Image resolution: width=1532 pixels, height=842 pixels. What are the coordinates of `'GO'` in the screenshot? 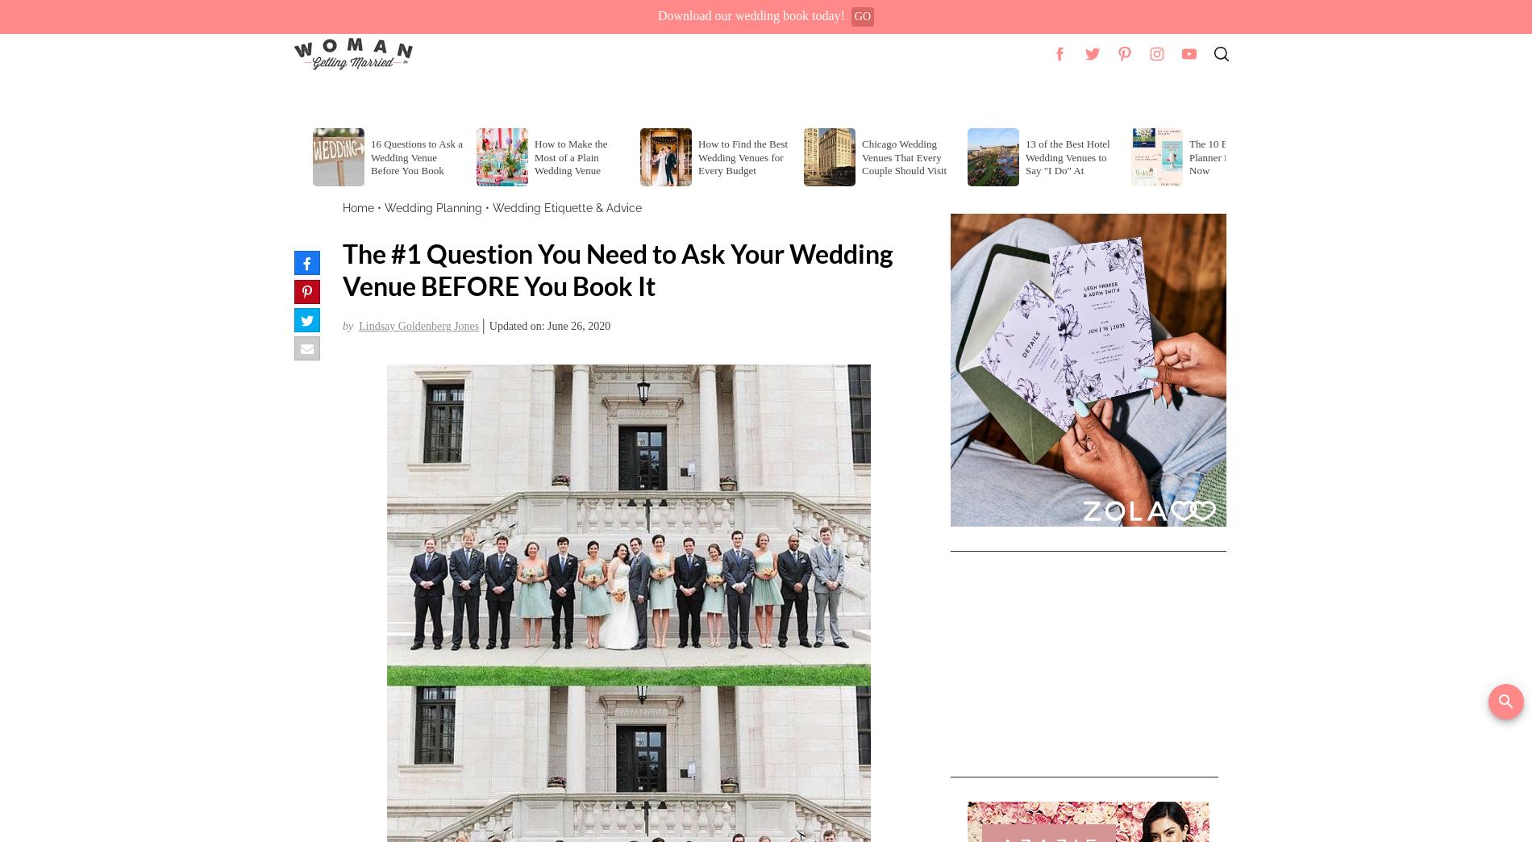 It's located at (854, 15).